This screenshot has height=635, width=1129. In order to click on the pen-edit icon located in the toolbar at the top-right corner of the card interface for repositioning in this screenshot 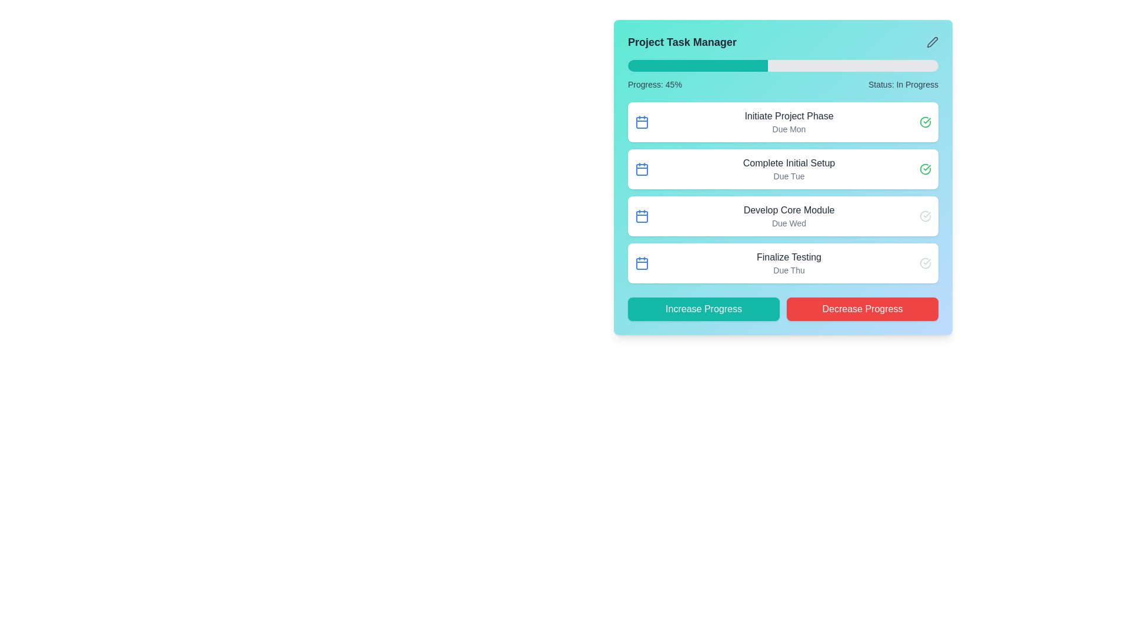, I will do `click(931, 42)`.